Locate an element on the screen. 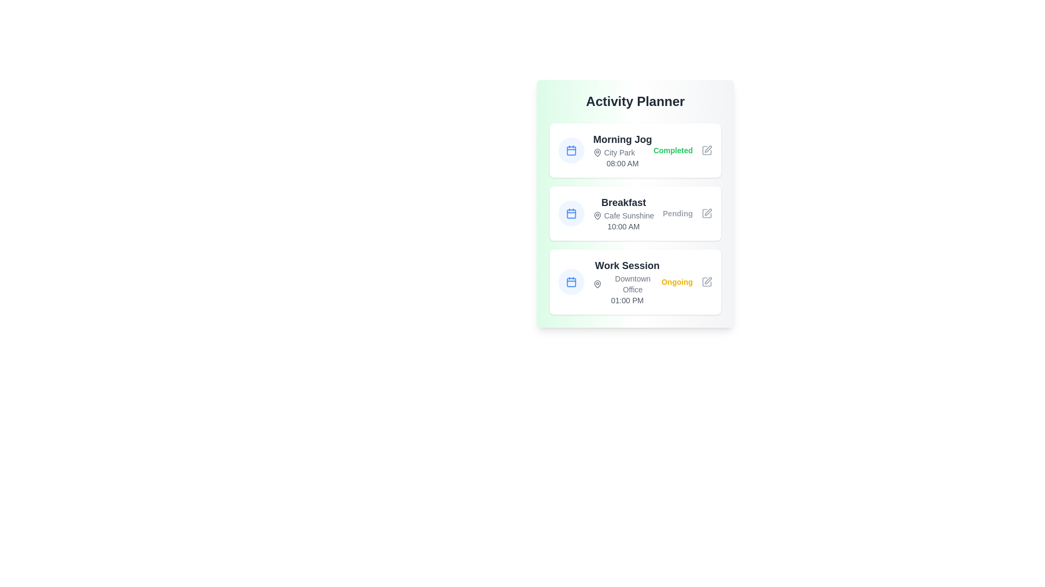 This screenshot has width=1045, height=587. text content of the Static Text Display that provides details about the scheduled activity, positioned as the third item in the 'Activity Planner' section is located at coordinates (627, 282).